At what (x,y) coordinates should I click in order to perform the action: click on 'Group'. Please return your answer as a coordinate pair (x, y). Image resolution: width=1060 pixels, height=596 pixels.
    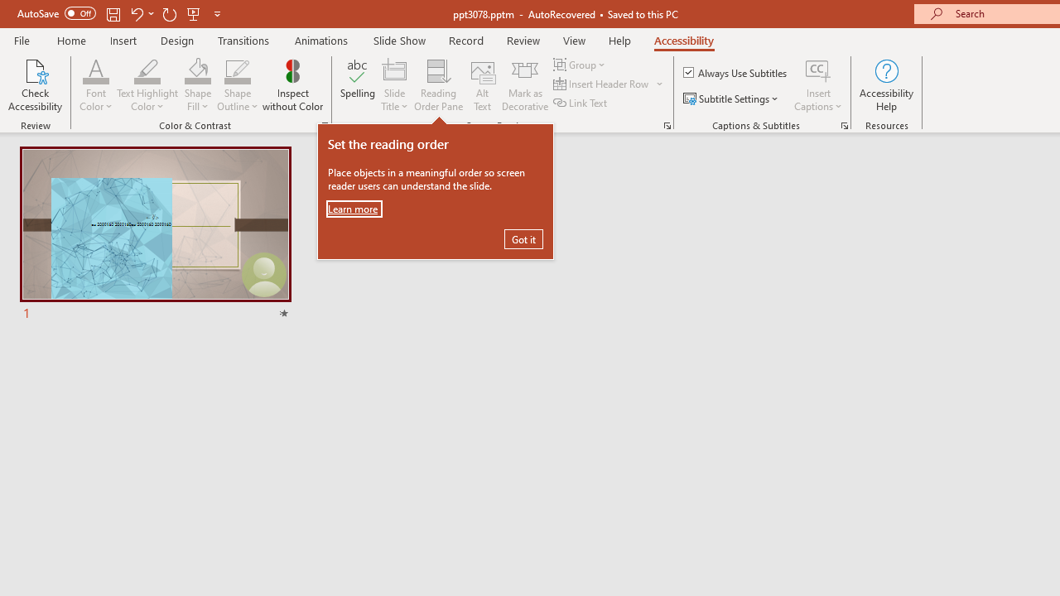
    Looking at the image, I should click on (581, 64).